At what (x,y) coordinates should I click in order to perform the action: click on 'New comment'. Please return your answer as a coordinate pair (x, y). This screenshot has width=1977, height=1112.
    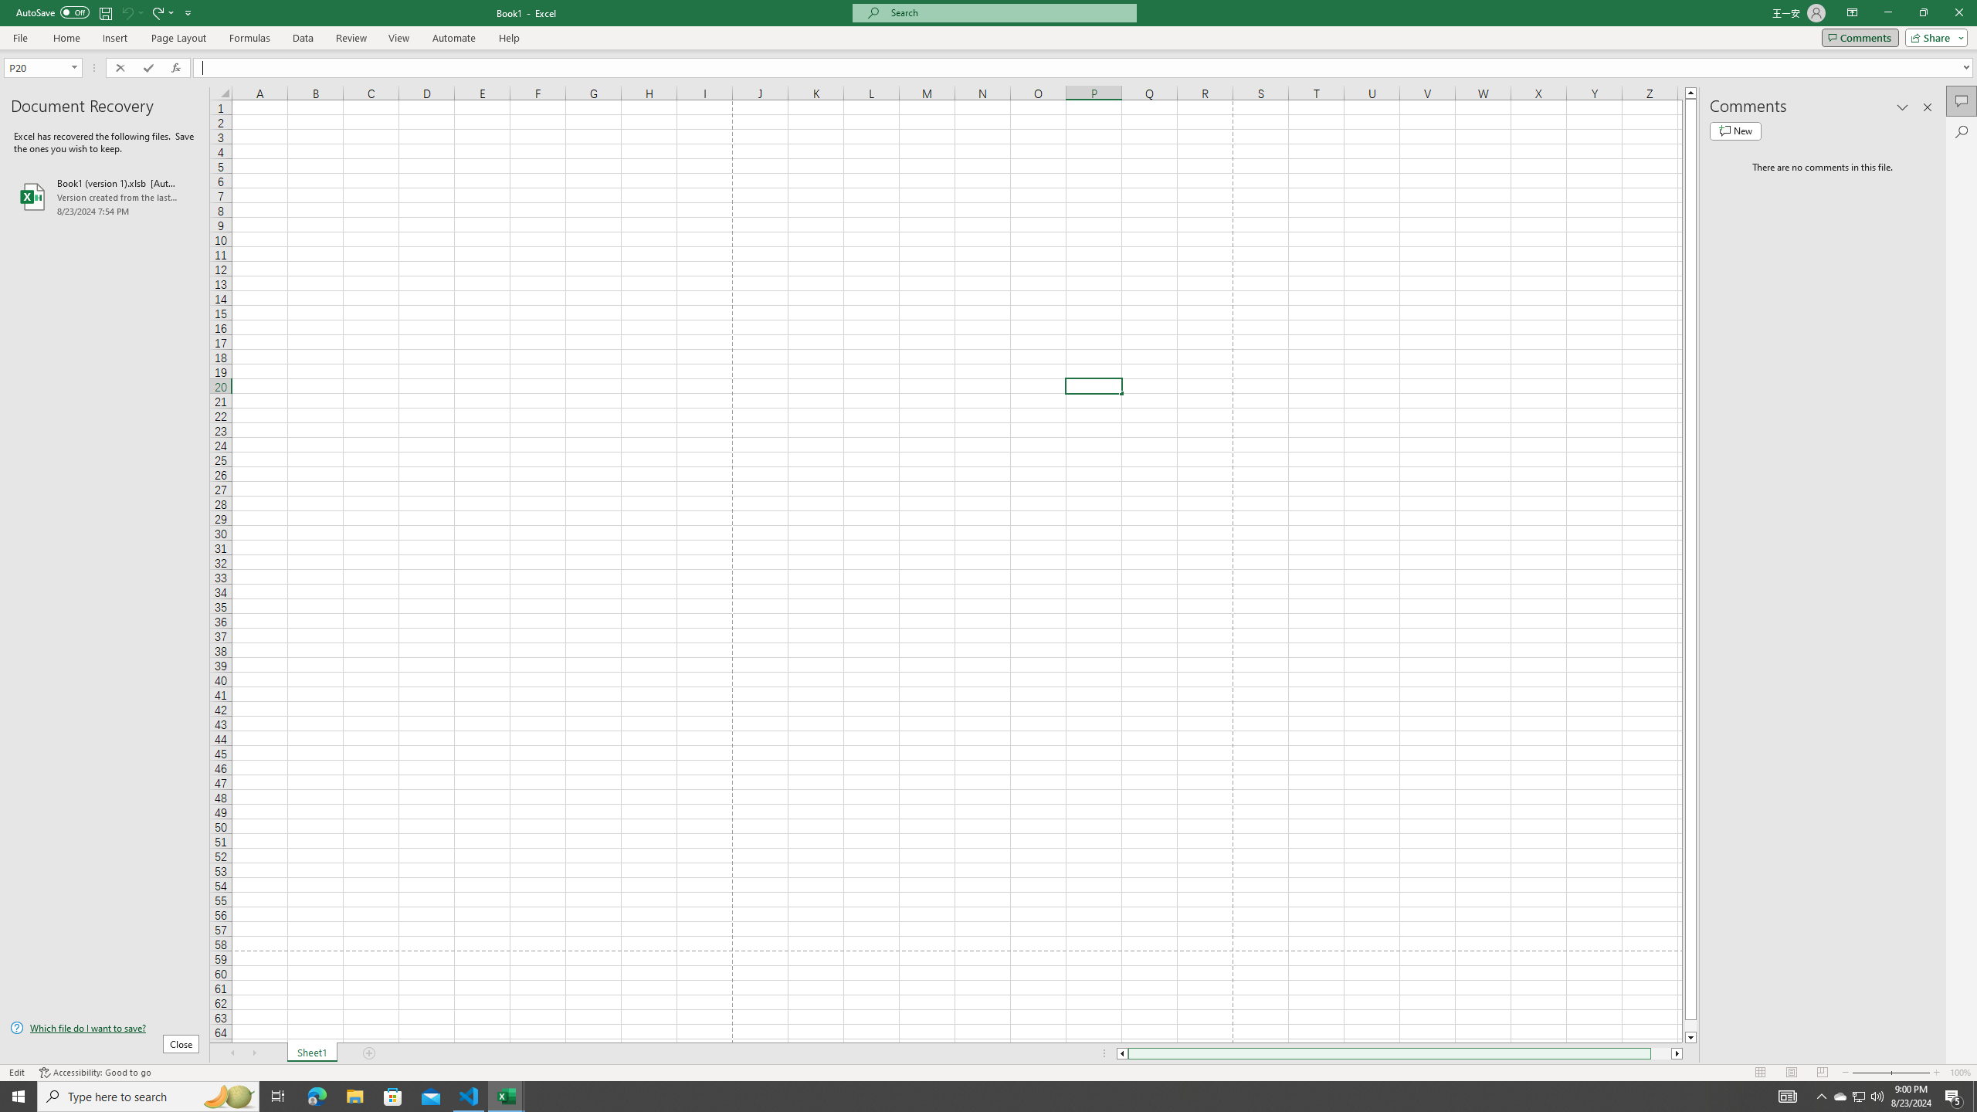
    Looking at the image, I should click on (1735, 130).